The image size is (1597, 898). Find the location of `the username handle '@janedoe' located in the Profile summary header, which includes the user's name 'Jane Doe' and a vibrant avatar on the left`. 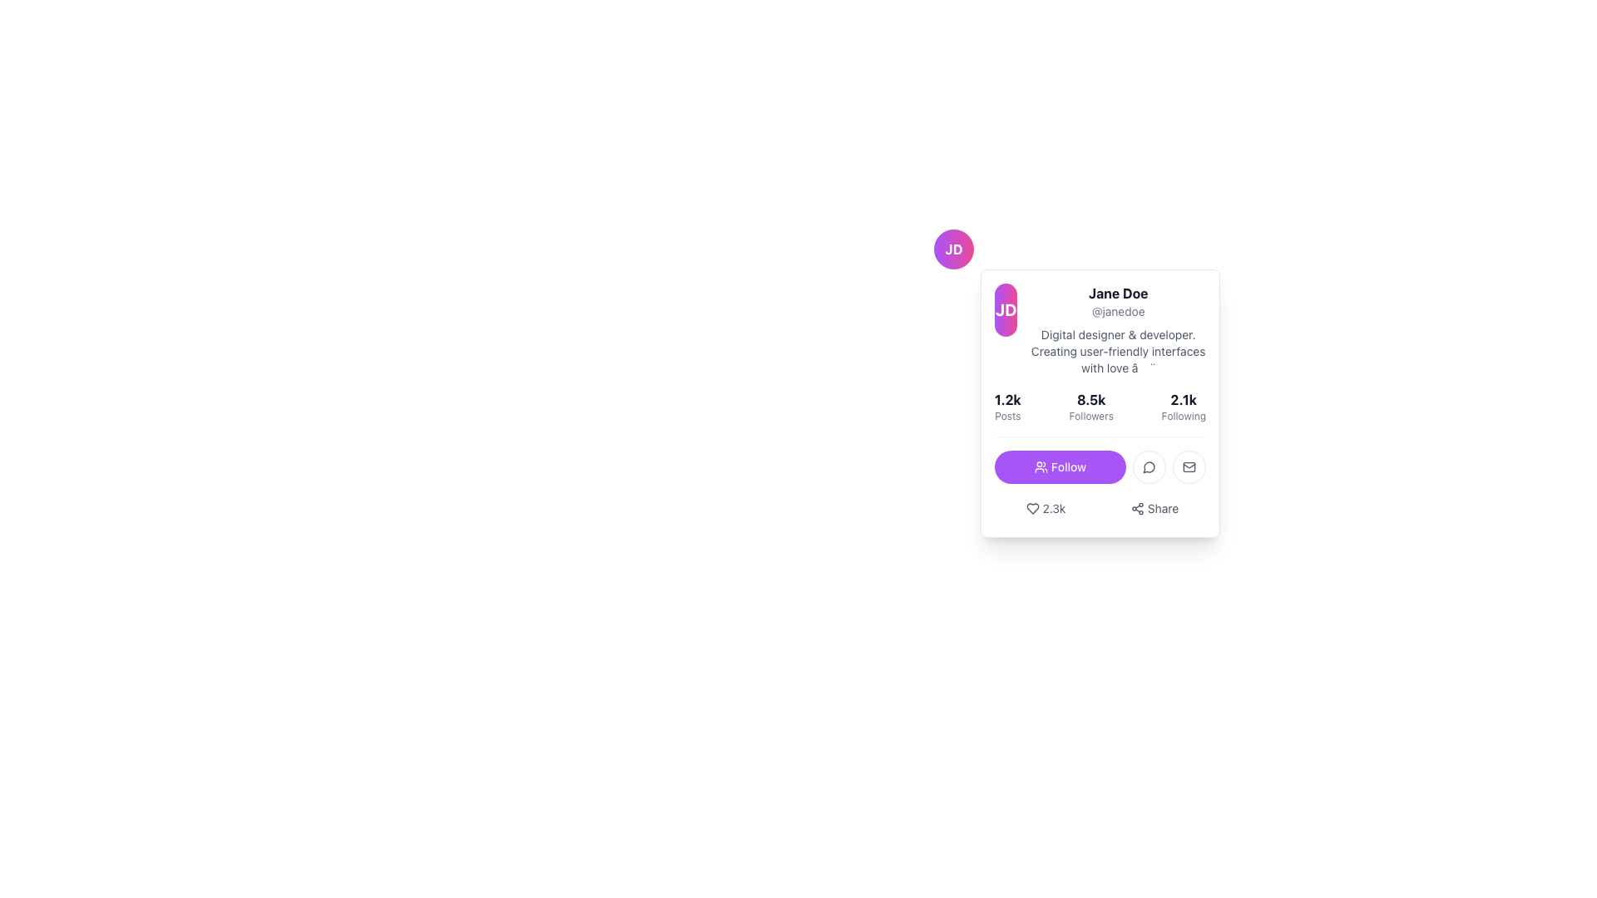

the username handle '@janedoe' located in the Profile summary header, which includes the user's name 'Jane Doe' and a vibrant avatar on the left is located at coordinates (1100, 330).